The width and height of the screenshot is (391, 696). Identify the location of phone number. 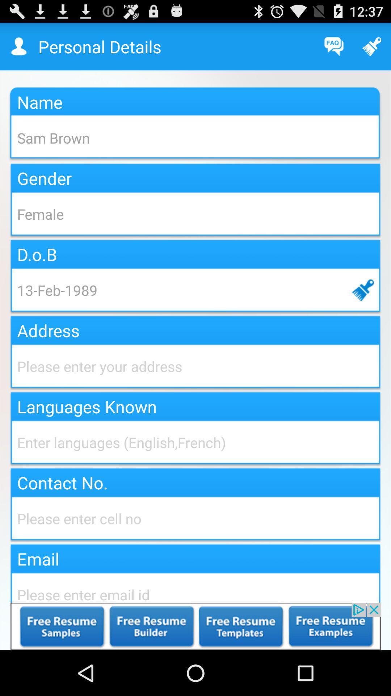
(195, 518).